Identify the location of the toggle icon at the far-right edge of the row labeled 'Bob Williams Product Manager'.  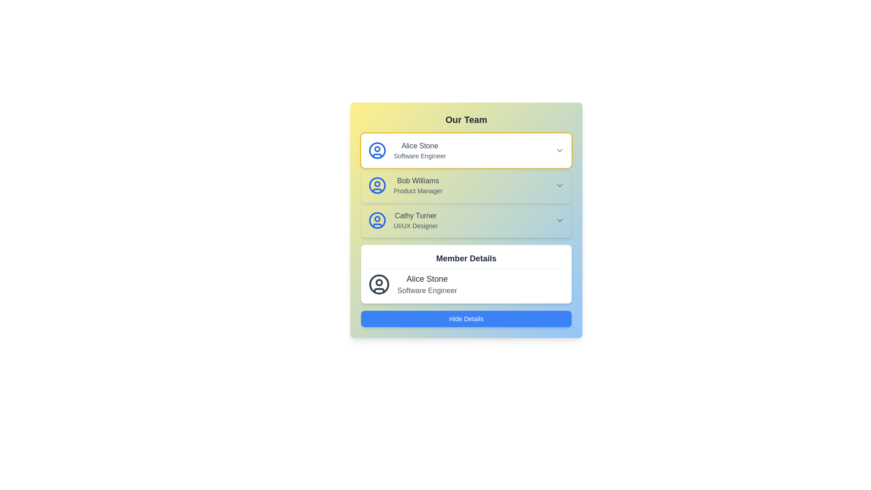
(559, 185).